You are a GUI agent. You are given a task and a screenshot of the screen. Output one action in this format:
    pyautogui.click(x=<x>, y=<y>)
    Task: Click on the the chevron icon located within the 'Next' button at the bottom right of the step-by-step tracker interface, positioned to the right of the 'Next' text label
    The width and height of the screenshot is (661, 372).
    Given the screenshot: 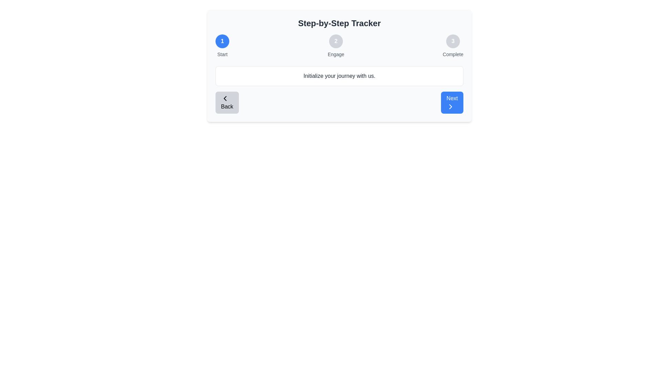 What is the action you would take?
    pyautogui.click(x=451, y=106)
    